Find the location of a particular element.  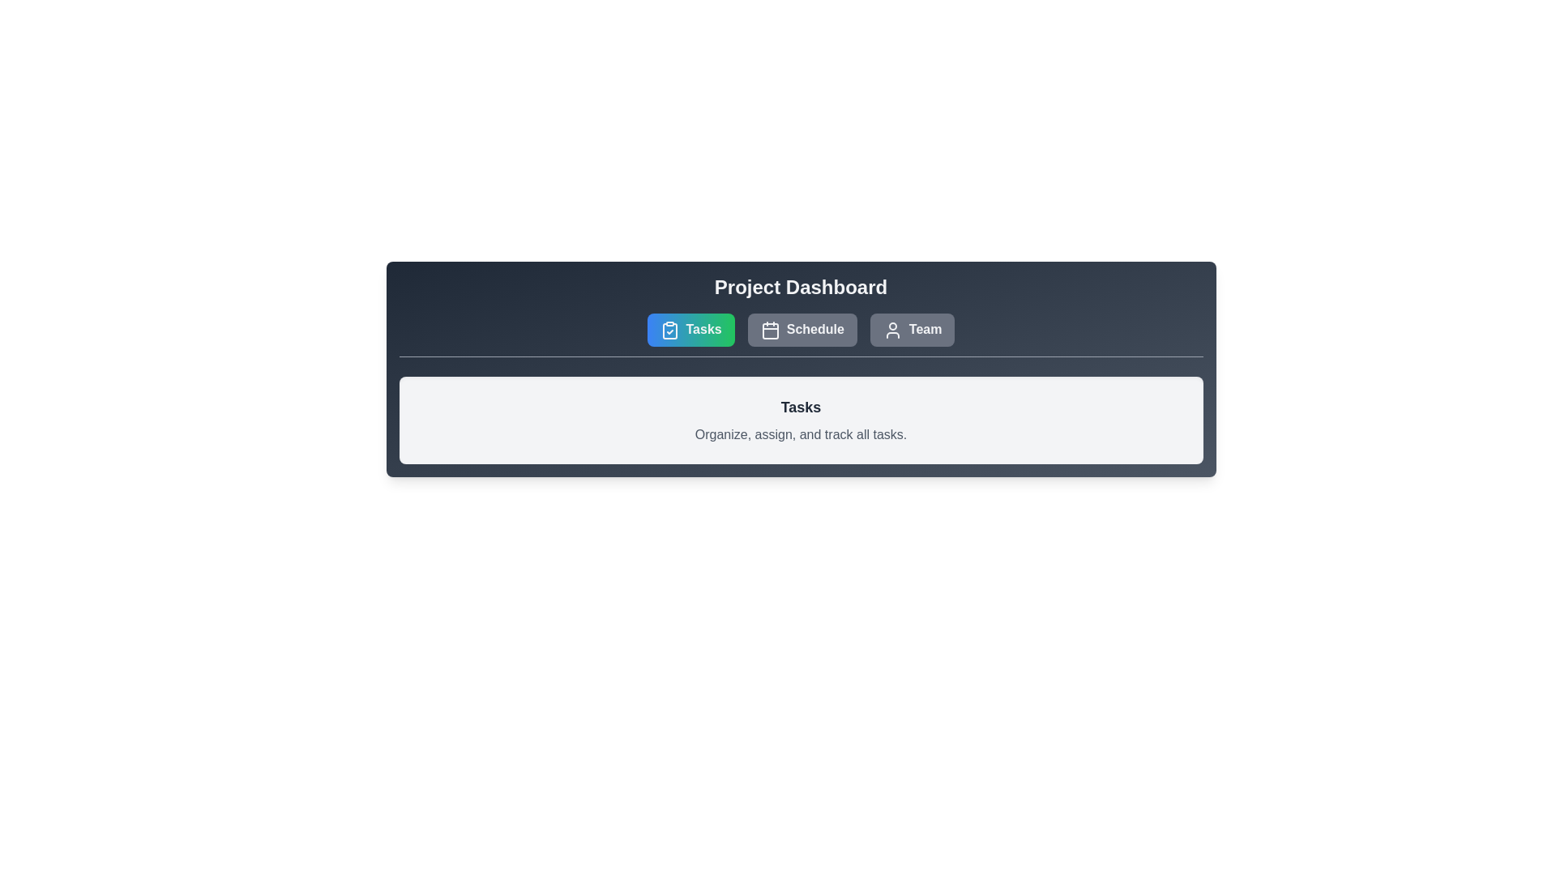

the user icon within the 'Team' button, which is the third button from the left under the 'Project Dashboard' header is located at coordinates (891, 329).